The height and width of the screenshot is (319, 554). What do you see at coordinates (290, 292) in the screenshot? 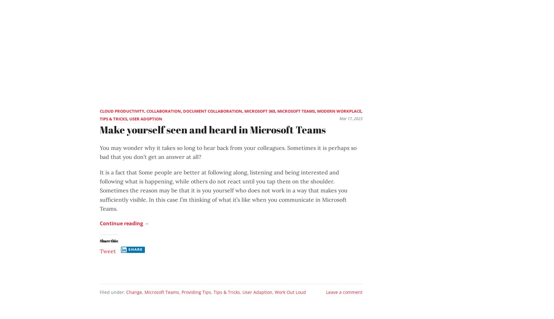
I see `'Work Out Loud'` at bounding box center [290, 292].